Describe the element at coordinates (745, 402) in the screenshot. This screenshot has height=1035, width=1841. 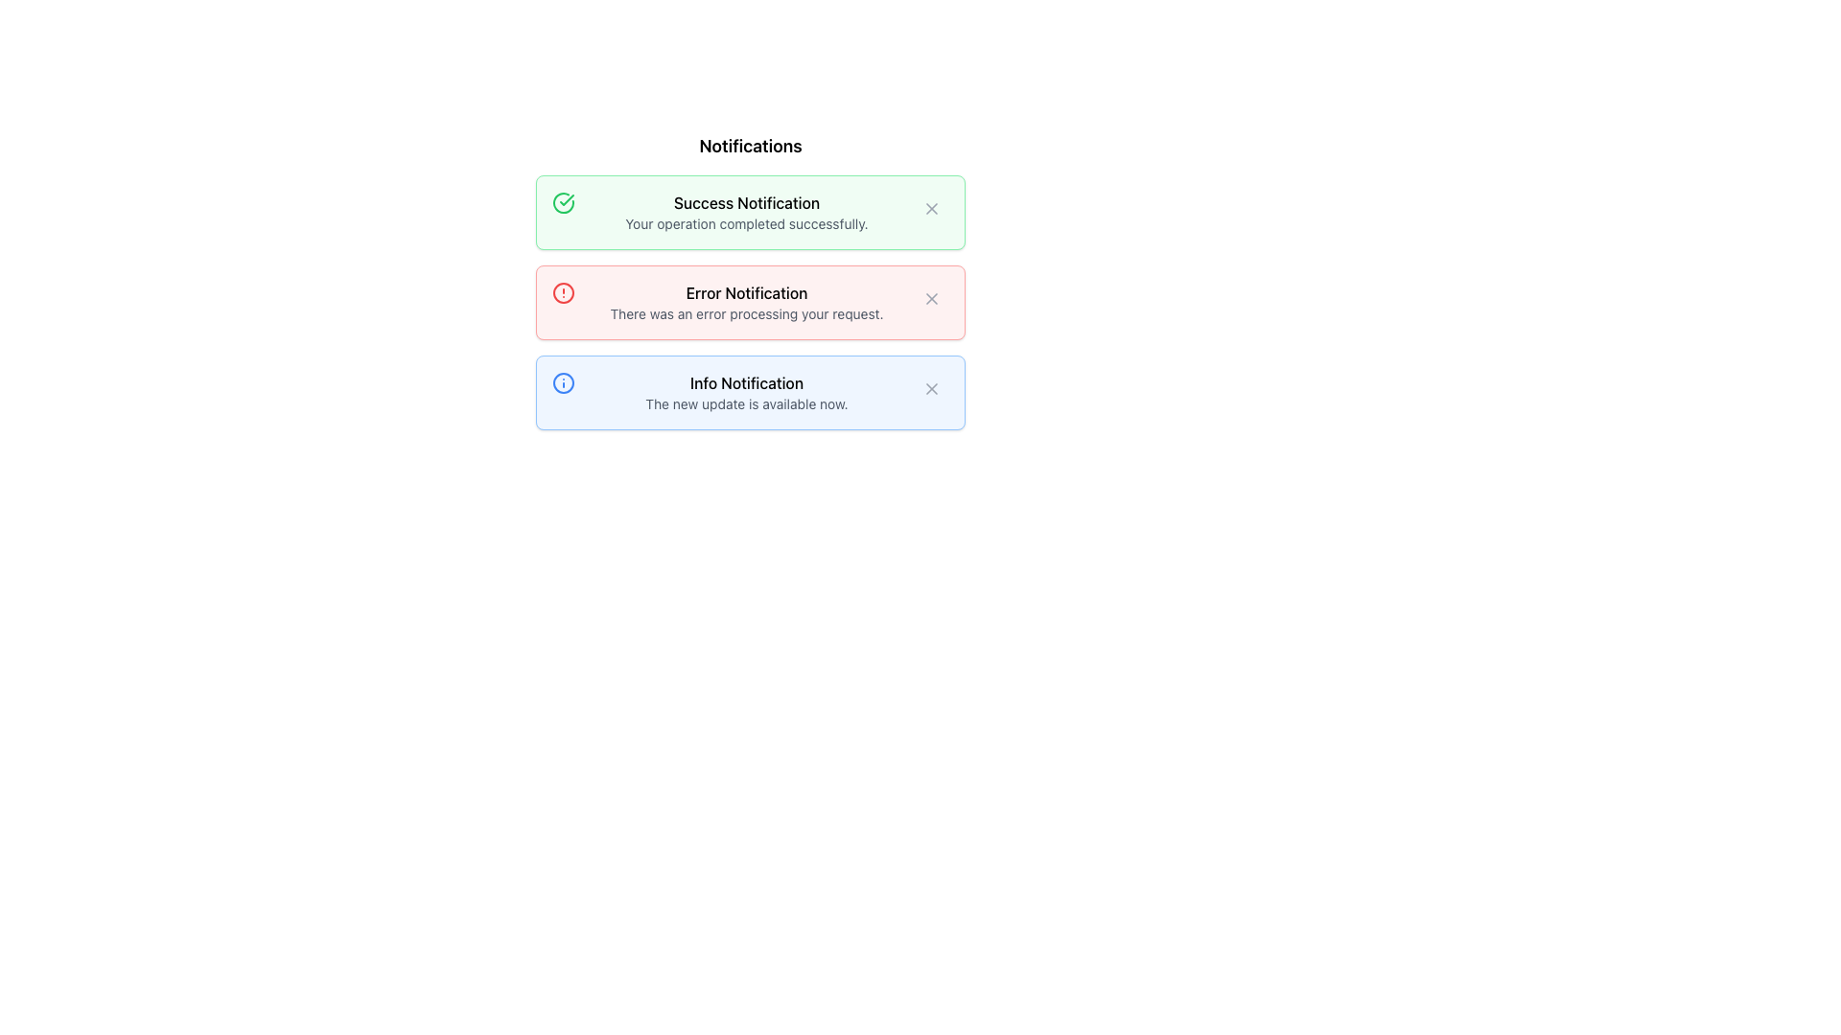
I see `the descriptive Static Text located within the third notification box labeled 'Info Notification,' which is positioned below the primary title text` at that location.